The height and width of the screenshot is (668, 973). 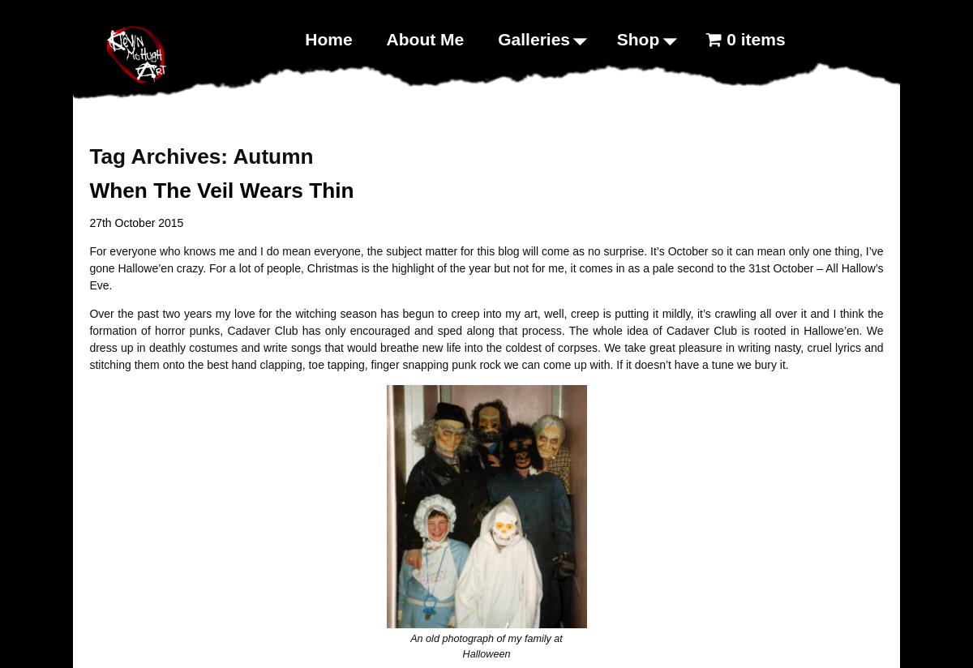 I want to click on 'Shop', so click(x=637, y=38).